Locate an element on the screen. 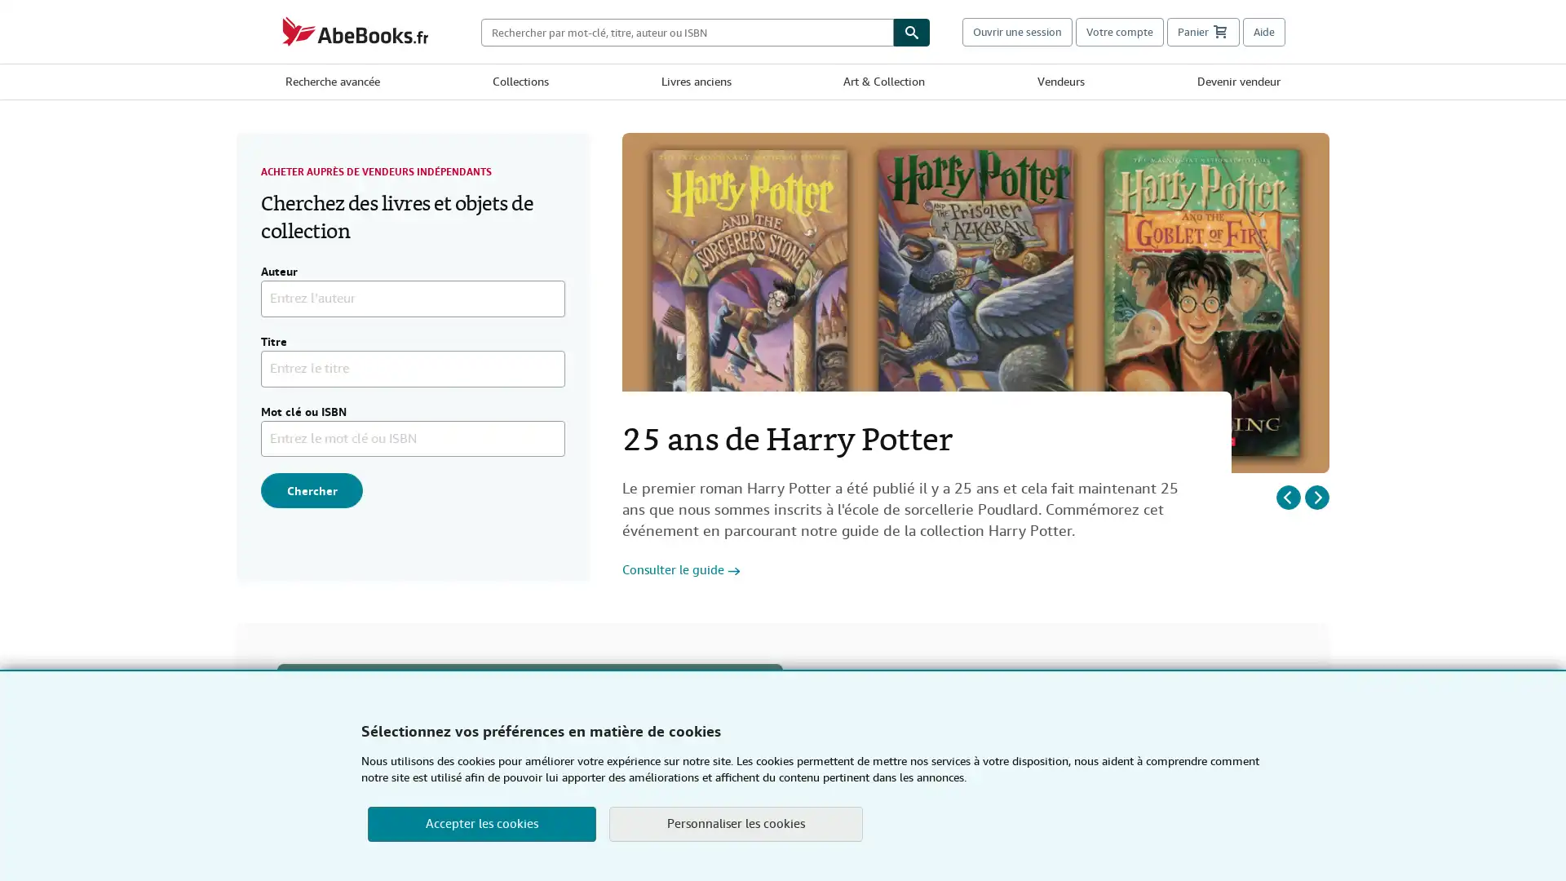 The height and width of the screenshot is (881, 1566). Previous is located at coordinates (1287, 496).